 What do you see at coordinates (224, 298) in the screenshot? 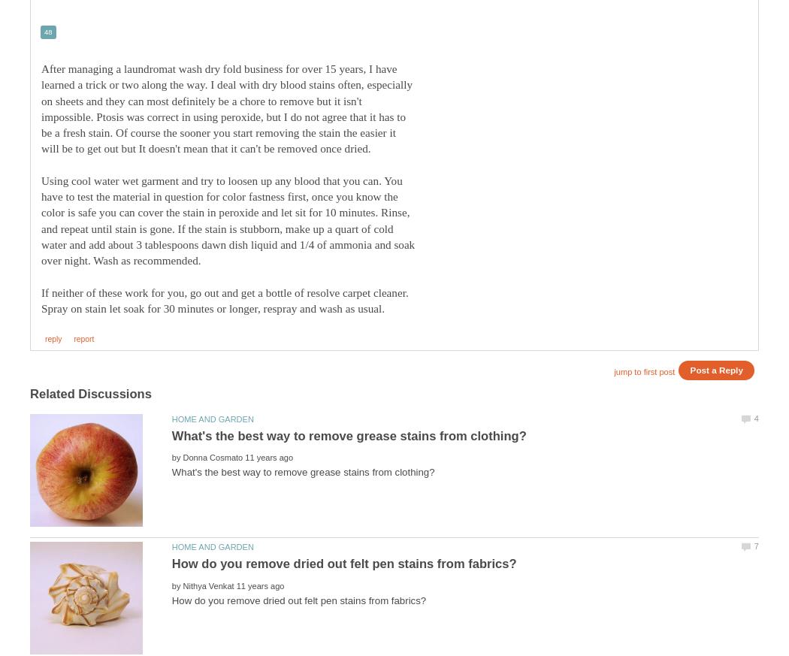
I see `'If neither of these work for you, go out and get a bottle of resolve carpet cleaner. Spray on stain let soak for 30 minutes or longer, respray and wash as usual.'` at bounding box center [224, 298].